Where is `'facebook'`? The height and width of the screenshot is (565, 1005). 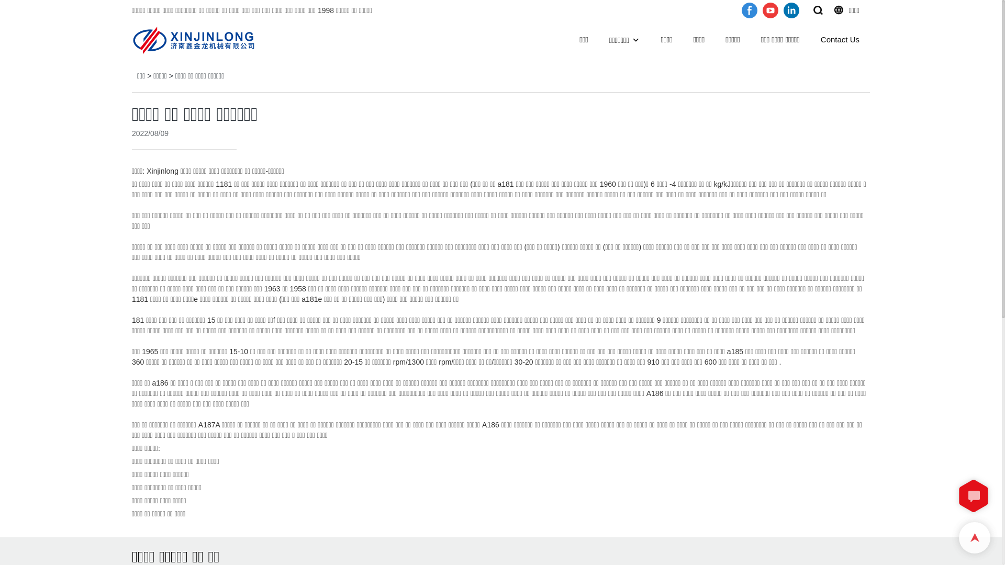
'facebook' is located at coordinates (749, 10).